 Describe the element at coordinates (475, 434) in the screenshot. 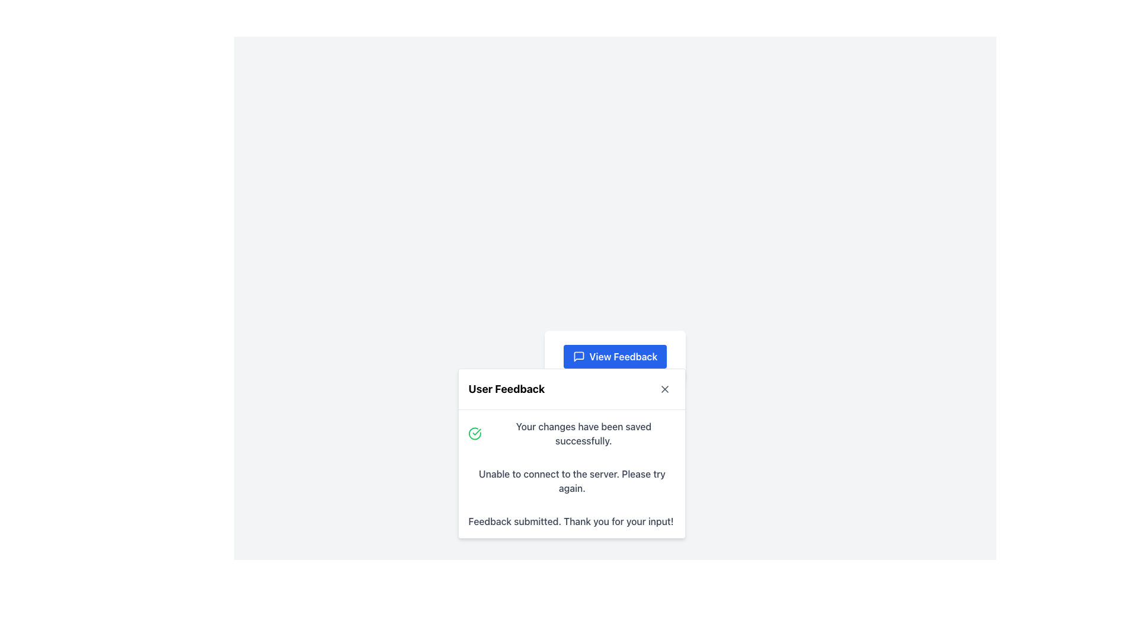

I see `the circular icon with a green checkmark inside it, which is located in the feedback popup to the left of the text stating 'Your changes have been saved successfully.'` at that location.